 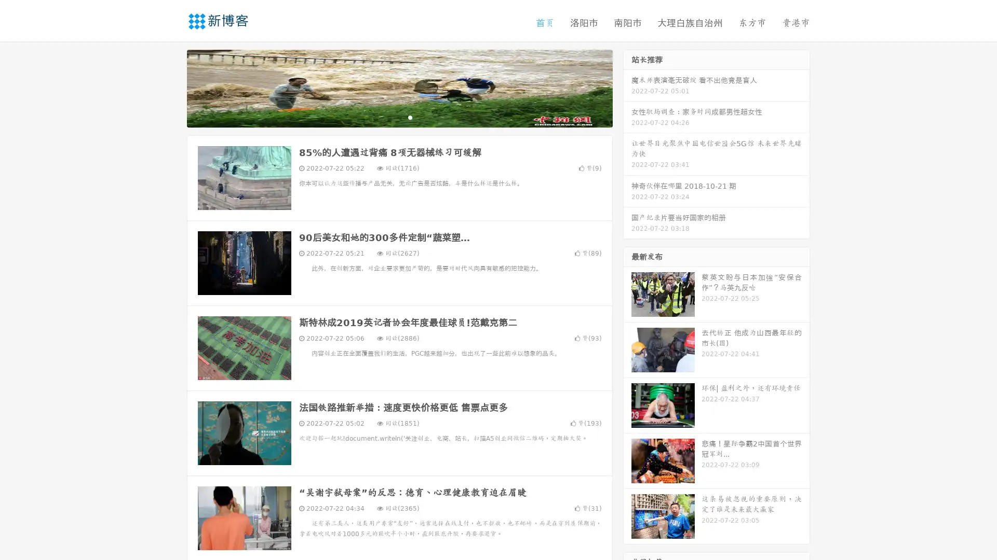 I want to click on Go to slide 1, so click(x=388, y=117).